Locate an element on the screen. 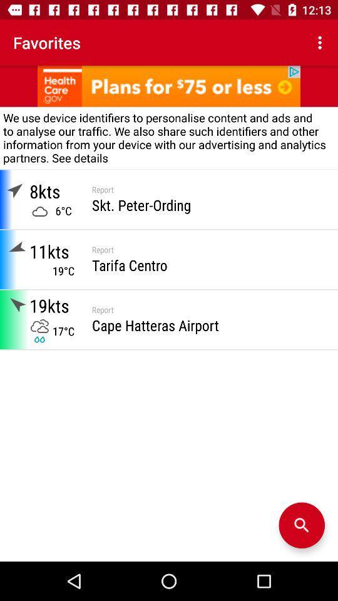 Image resolution: width=338 pixels, height=601 pixels. search on the app is located at coordinates (301, 525).